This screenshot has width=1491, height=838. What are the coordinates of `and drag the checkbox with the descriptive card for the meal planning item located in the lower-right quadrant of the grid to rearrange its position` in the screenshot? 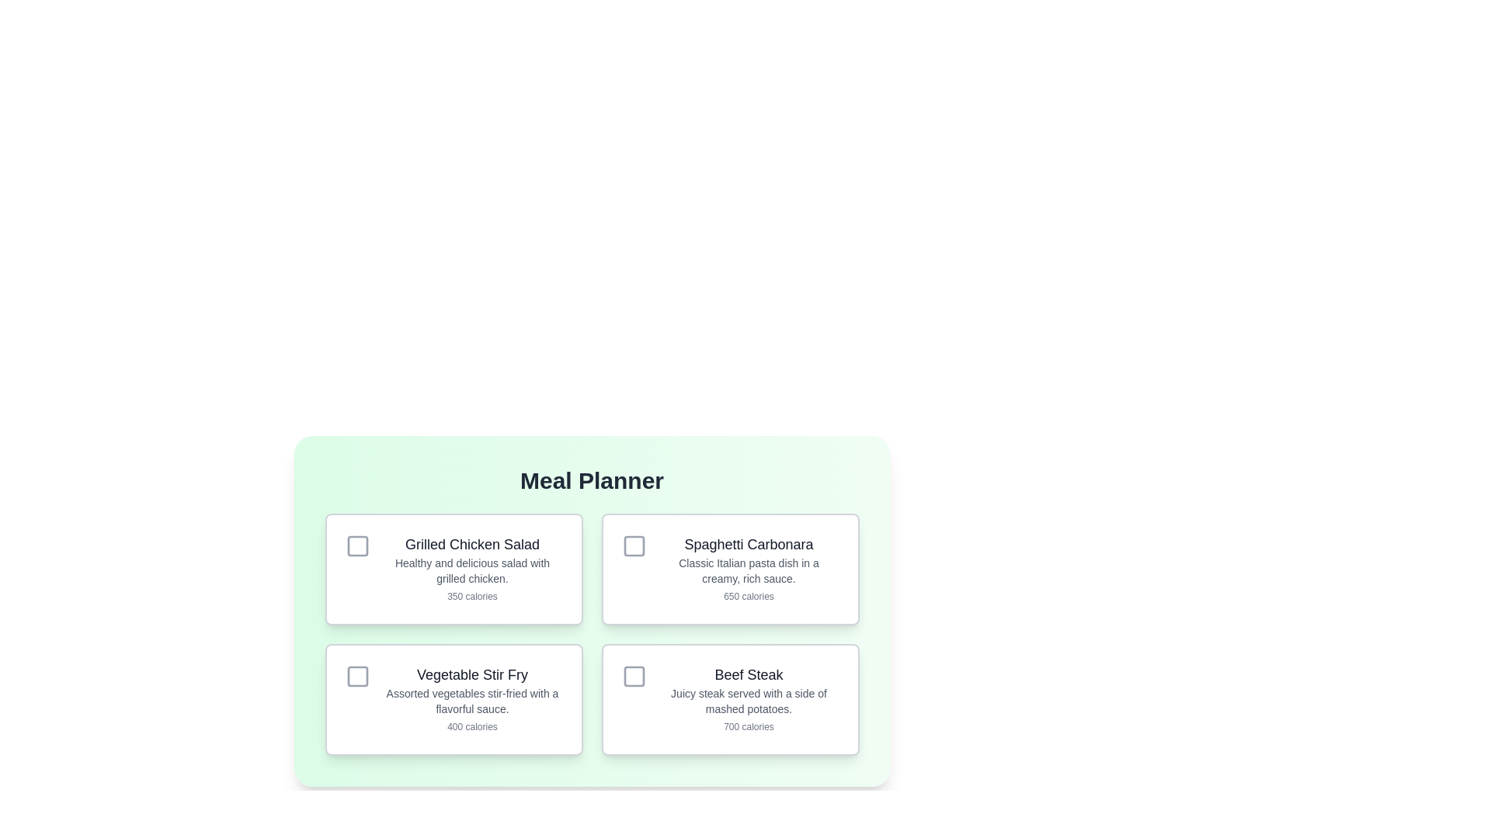 It's located at (729, 700).